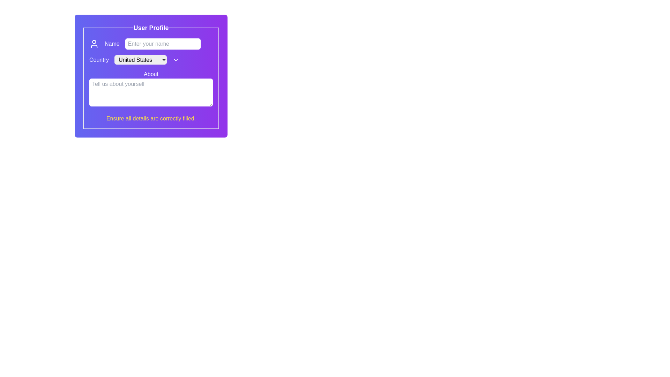  Describe the element at coordinates (98, 59) in the screenshot. I see `the 'Country' label, which displays white text on a purple background and serves as a label for the dropdown menu in the User Profile section` at that location.